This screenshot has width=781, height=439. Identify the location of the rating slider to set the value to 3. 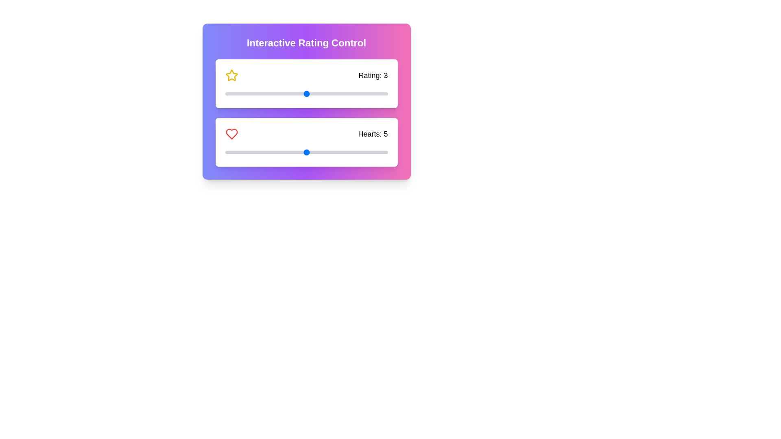
(306, 93).